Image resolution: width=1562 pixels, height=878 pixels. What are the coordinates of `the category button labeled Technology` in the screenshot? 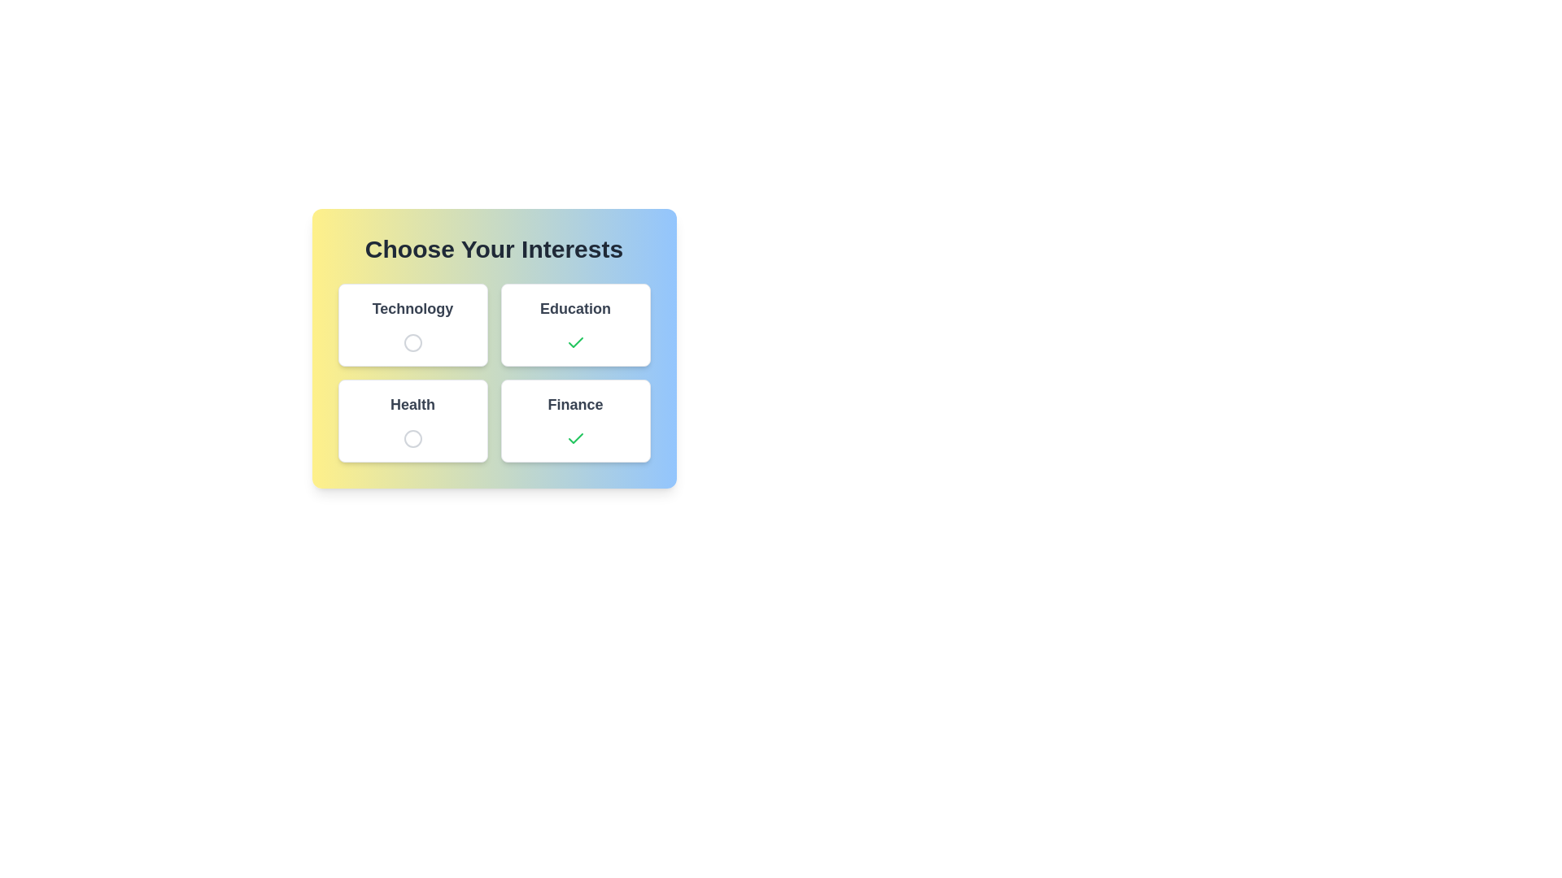 It's located at (412, 325).